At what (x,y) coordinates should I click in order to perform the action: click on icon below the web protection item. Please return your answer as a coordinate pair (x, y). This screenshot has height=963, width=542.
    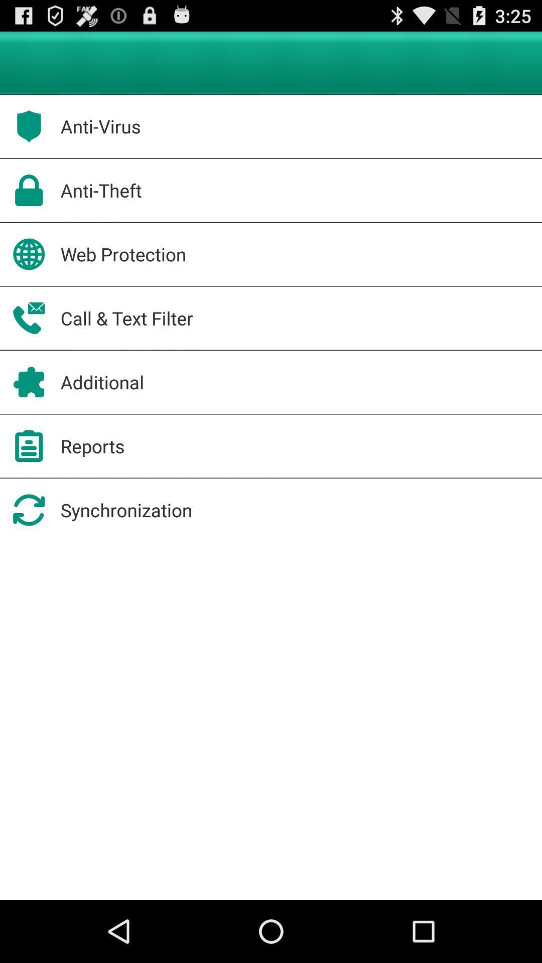
    Looking at the image, I should click on (126, 317).